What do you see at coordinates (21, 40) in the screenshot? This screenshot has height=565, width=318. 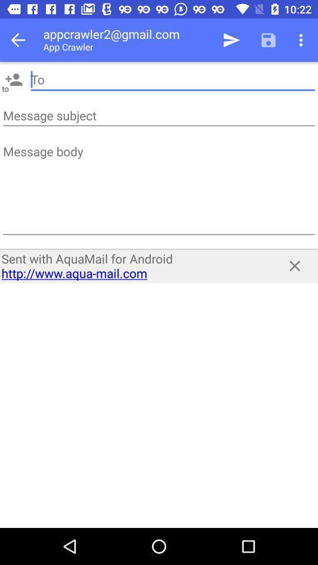 I see `icon next to the appcrawler2@gmail.com app` at bounding box center [21, 40].